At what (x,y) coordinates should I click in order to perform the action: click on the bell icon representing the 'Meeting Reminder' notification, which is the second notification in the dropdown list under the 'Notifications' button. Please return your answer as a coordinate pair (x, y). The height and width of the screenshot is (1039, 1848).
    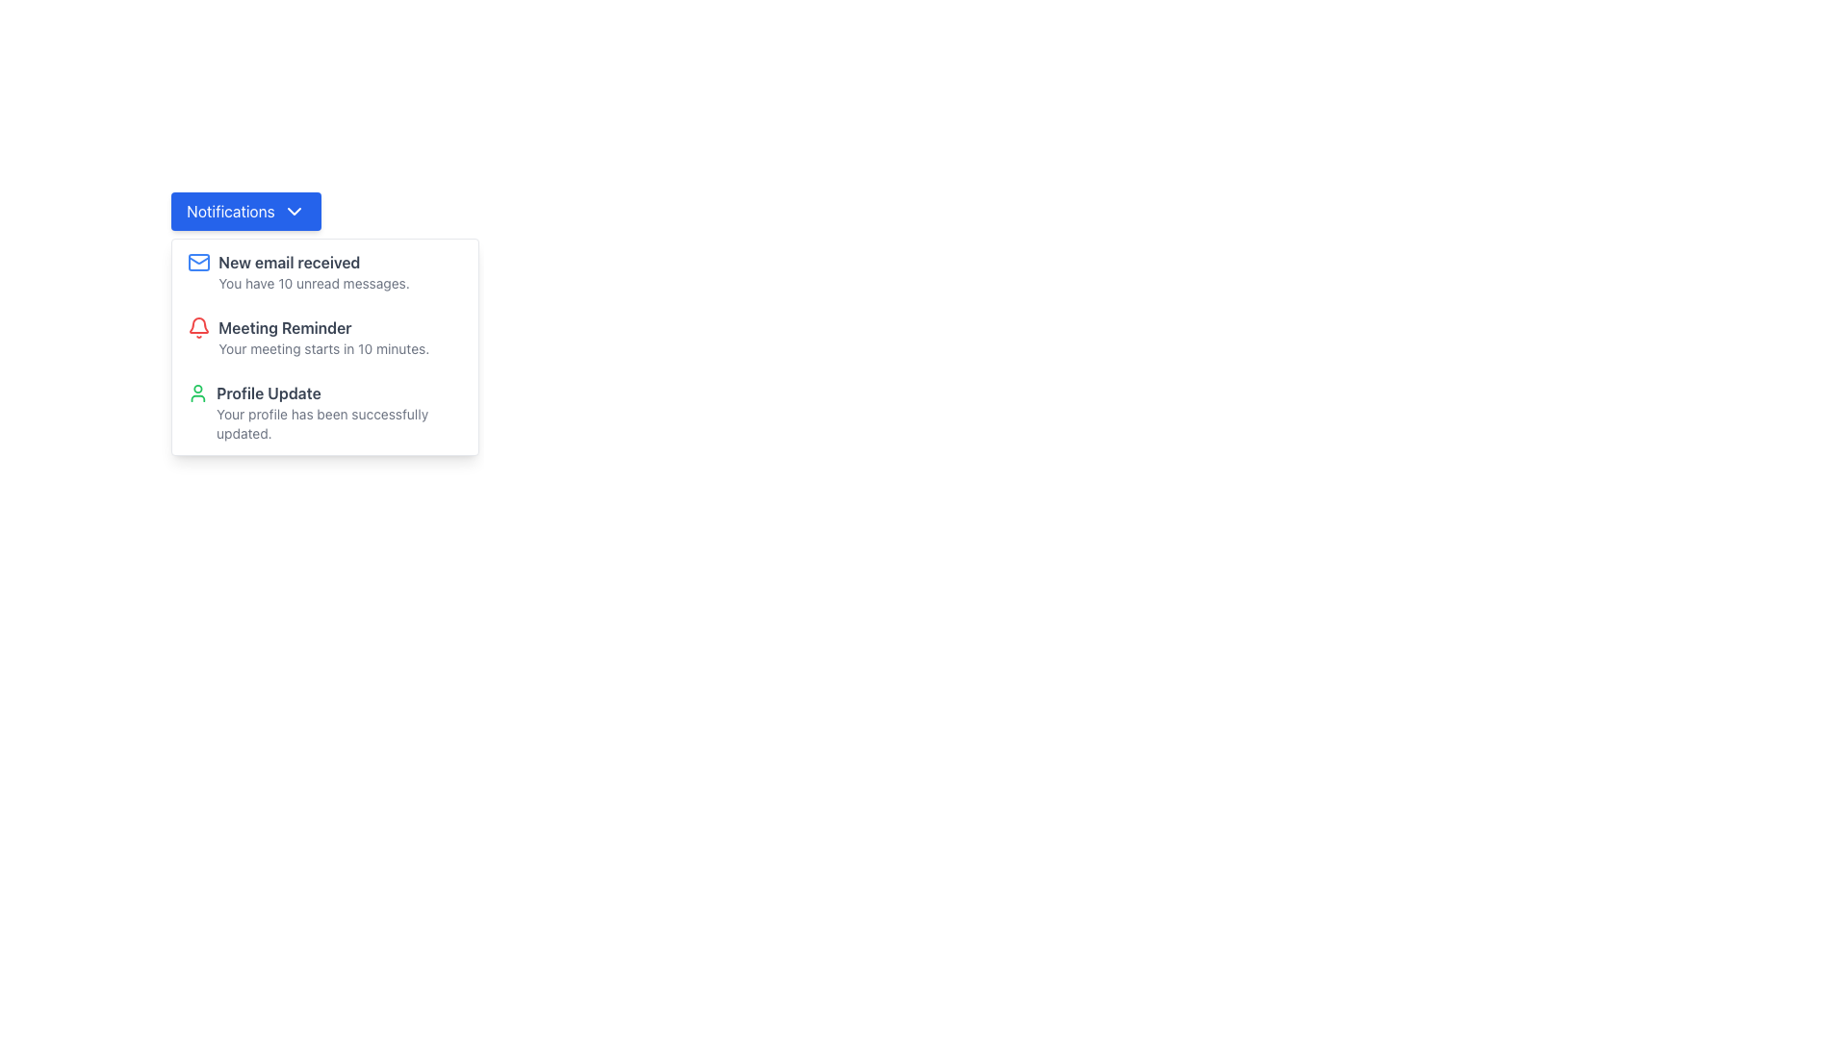
    Looking at the image, I should click on (199, 326).